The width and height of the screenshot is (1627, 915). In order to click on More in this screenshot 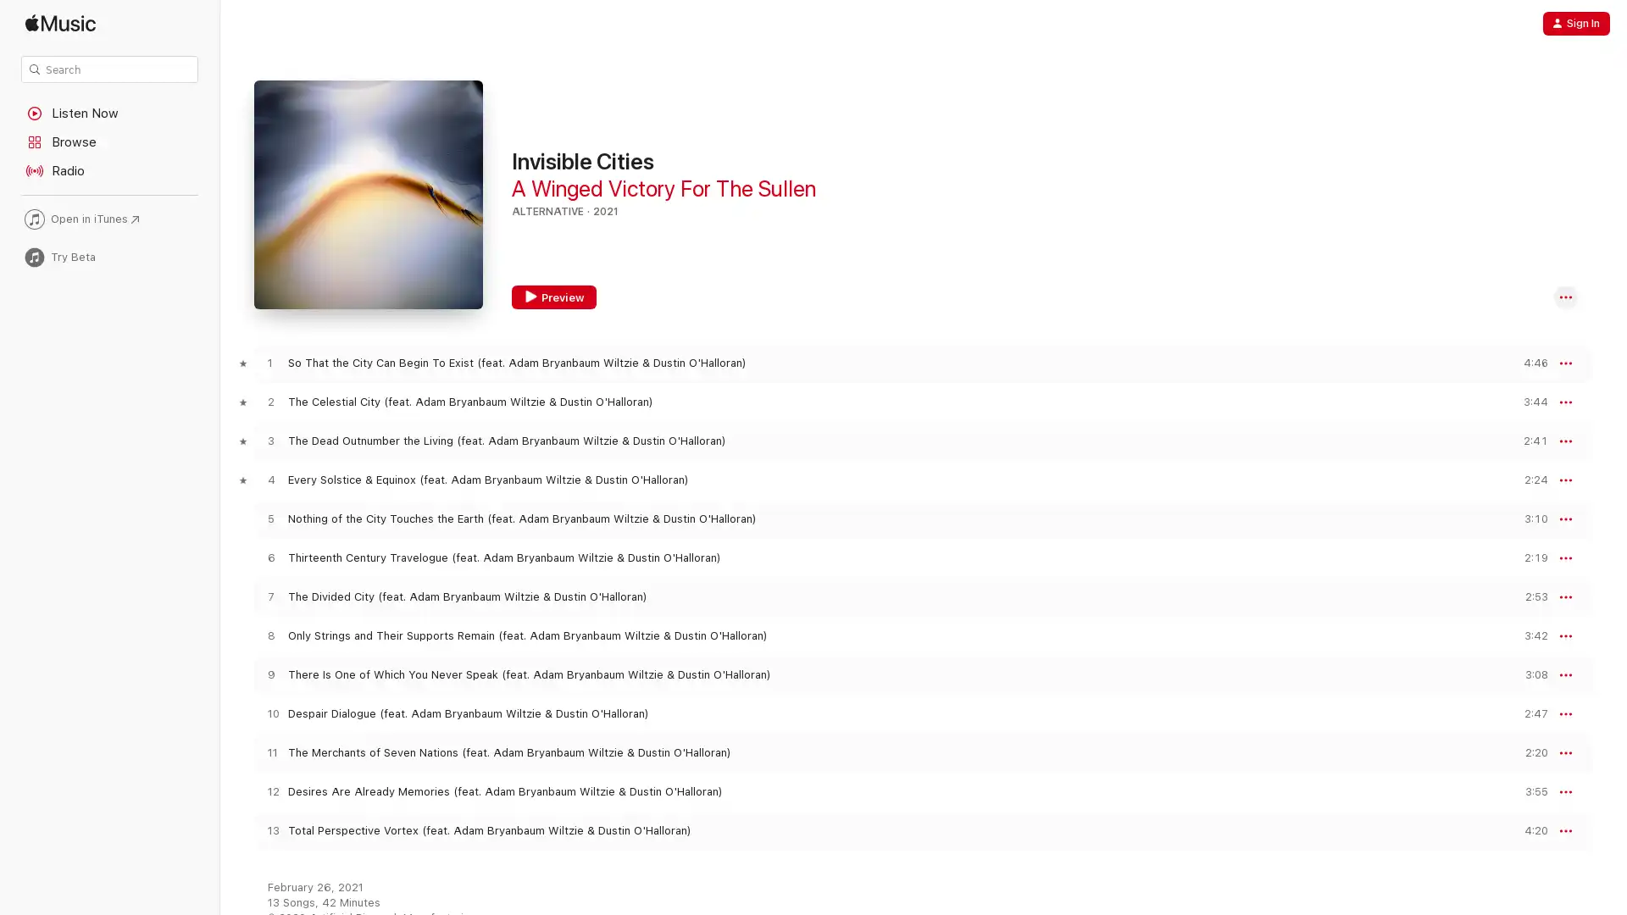, I will do `click(1565, 297)`.